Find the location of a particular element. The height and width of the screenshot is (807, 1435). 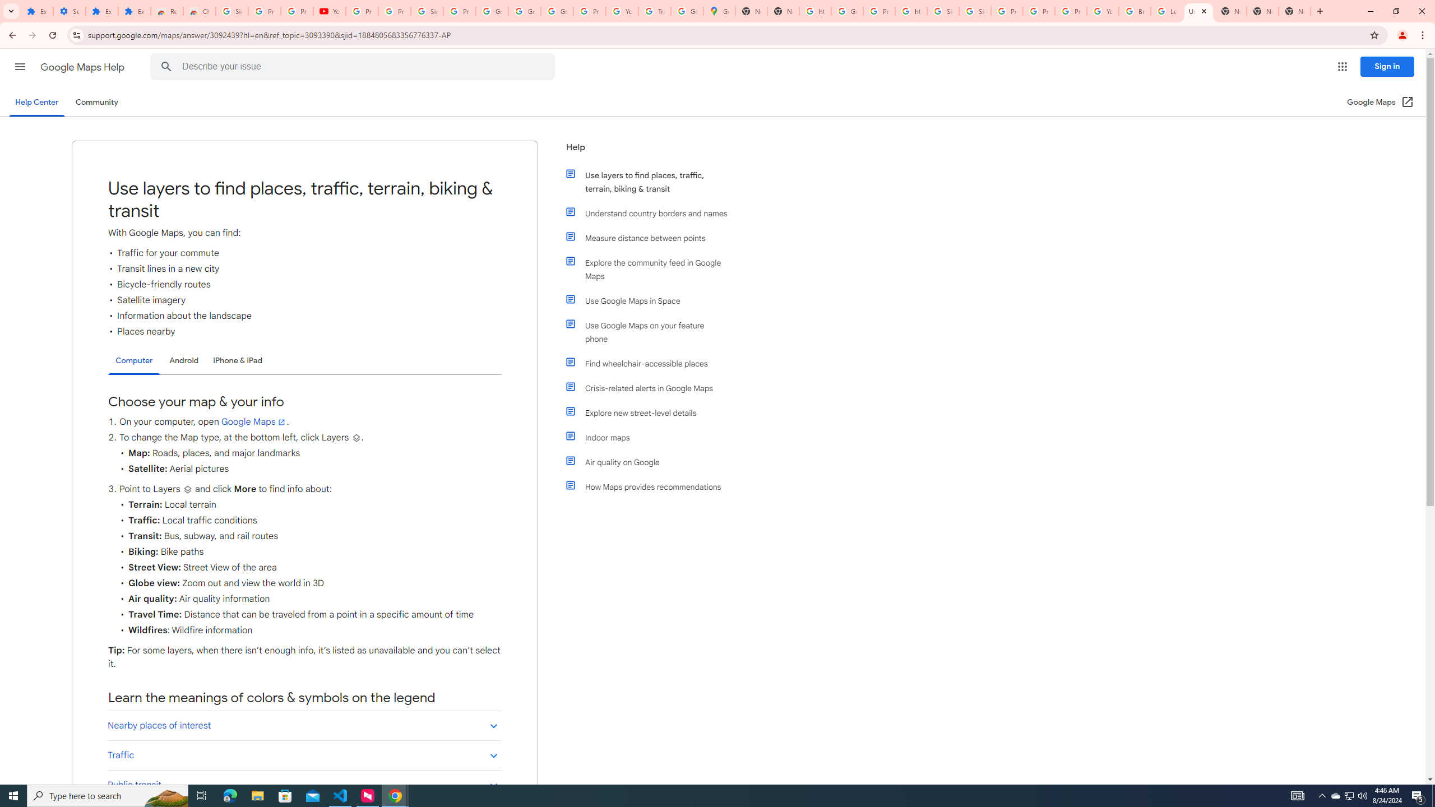

'Nearby places of interest' is located at coordinates (304, 725).